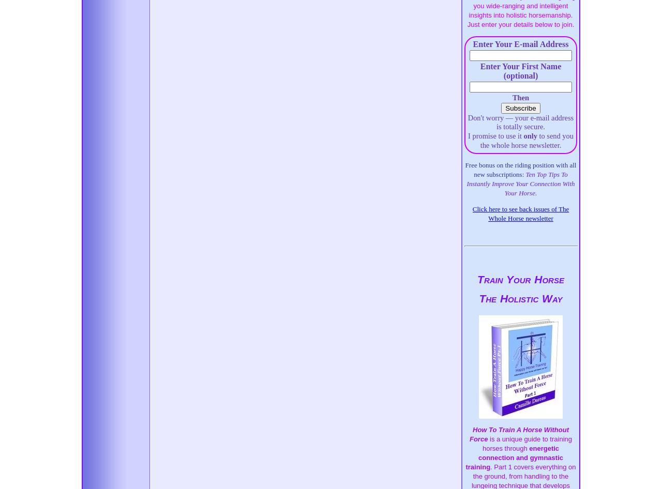 This screenshot has height=489, width=662. Describe the element at coordinates (520, 70) in the screenshot. I see `'Enter Your First Name (optional)'` at that location.